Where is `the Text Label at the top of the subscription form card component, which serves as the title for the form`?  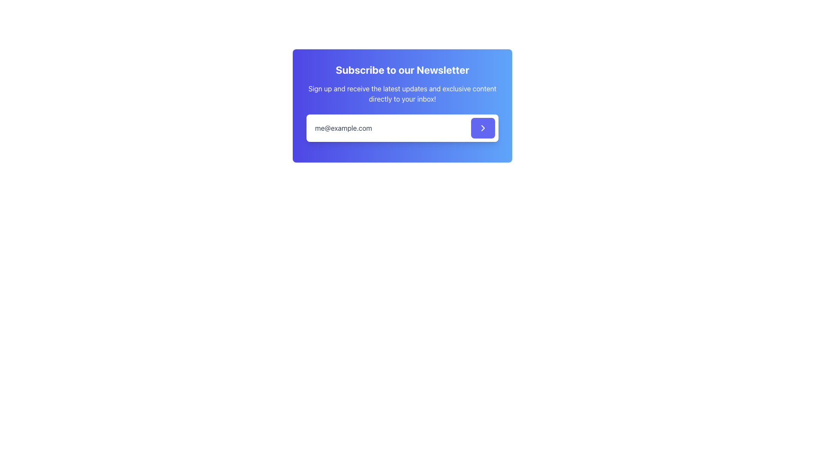 the Text Label at the top of the subscription form card component, which serves as the title for the form is located at coordinates (402, 69).